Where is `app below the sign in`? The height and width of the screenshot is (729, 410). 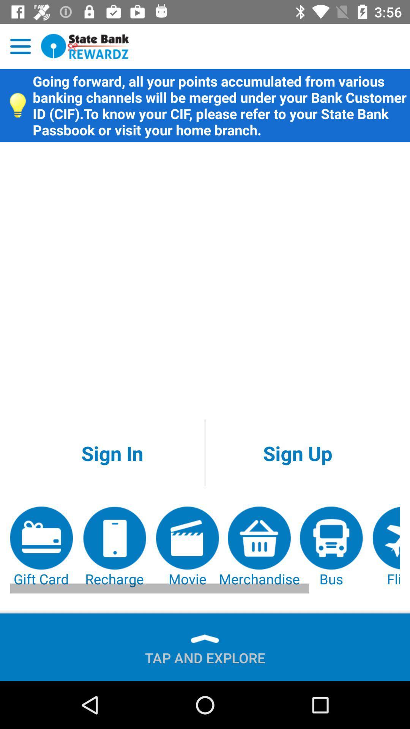 app below the sign in is located at coordinates (41, 547).